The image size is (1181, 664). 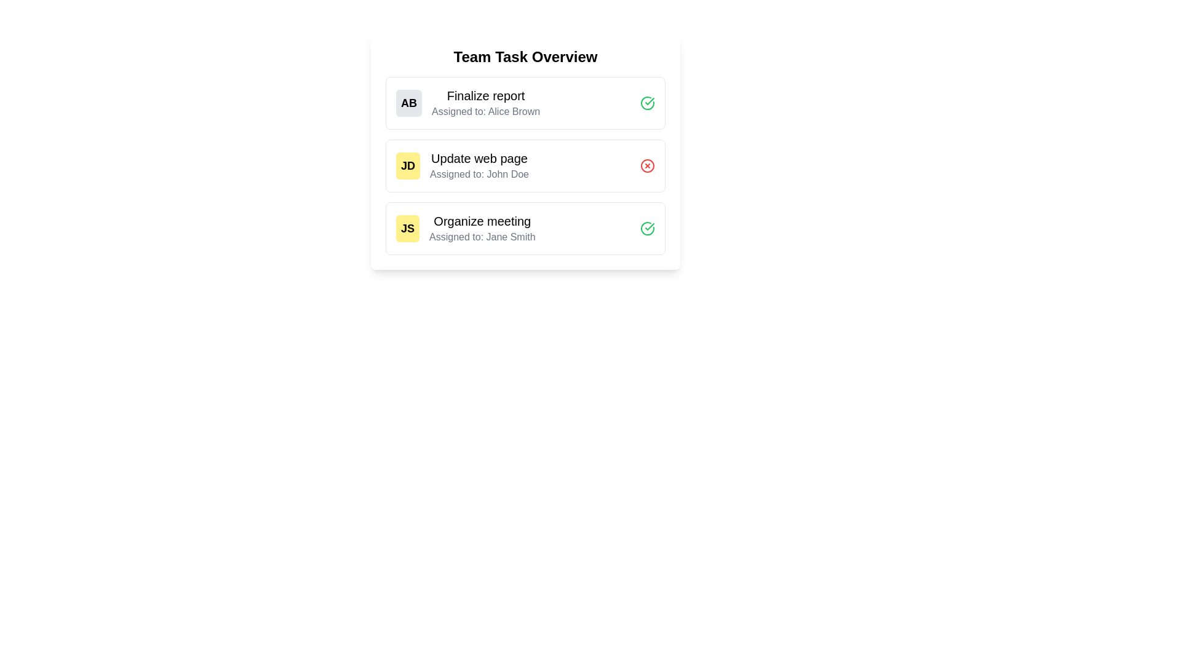 I want to click on the text label displaying 'Finalize report', which is part of the 'Team Task Overview' section and positioned to the right of the 'AB' icon, so click(x=485, y=95).